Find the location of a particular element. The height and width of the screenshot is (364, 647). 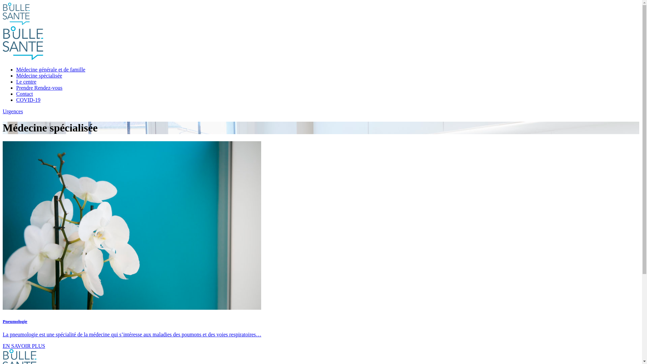

'Prendre Rendez-vous' is located at coordinates (16, 87).